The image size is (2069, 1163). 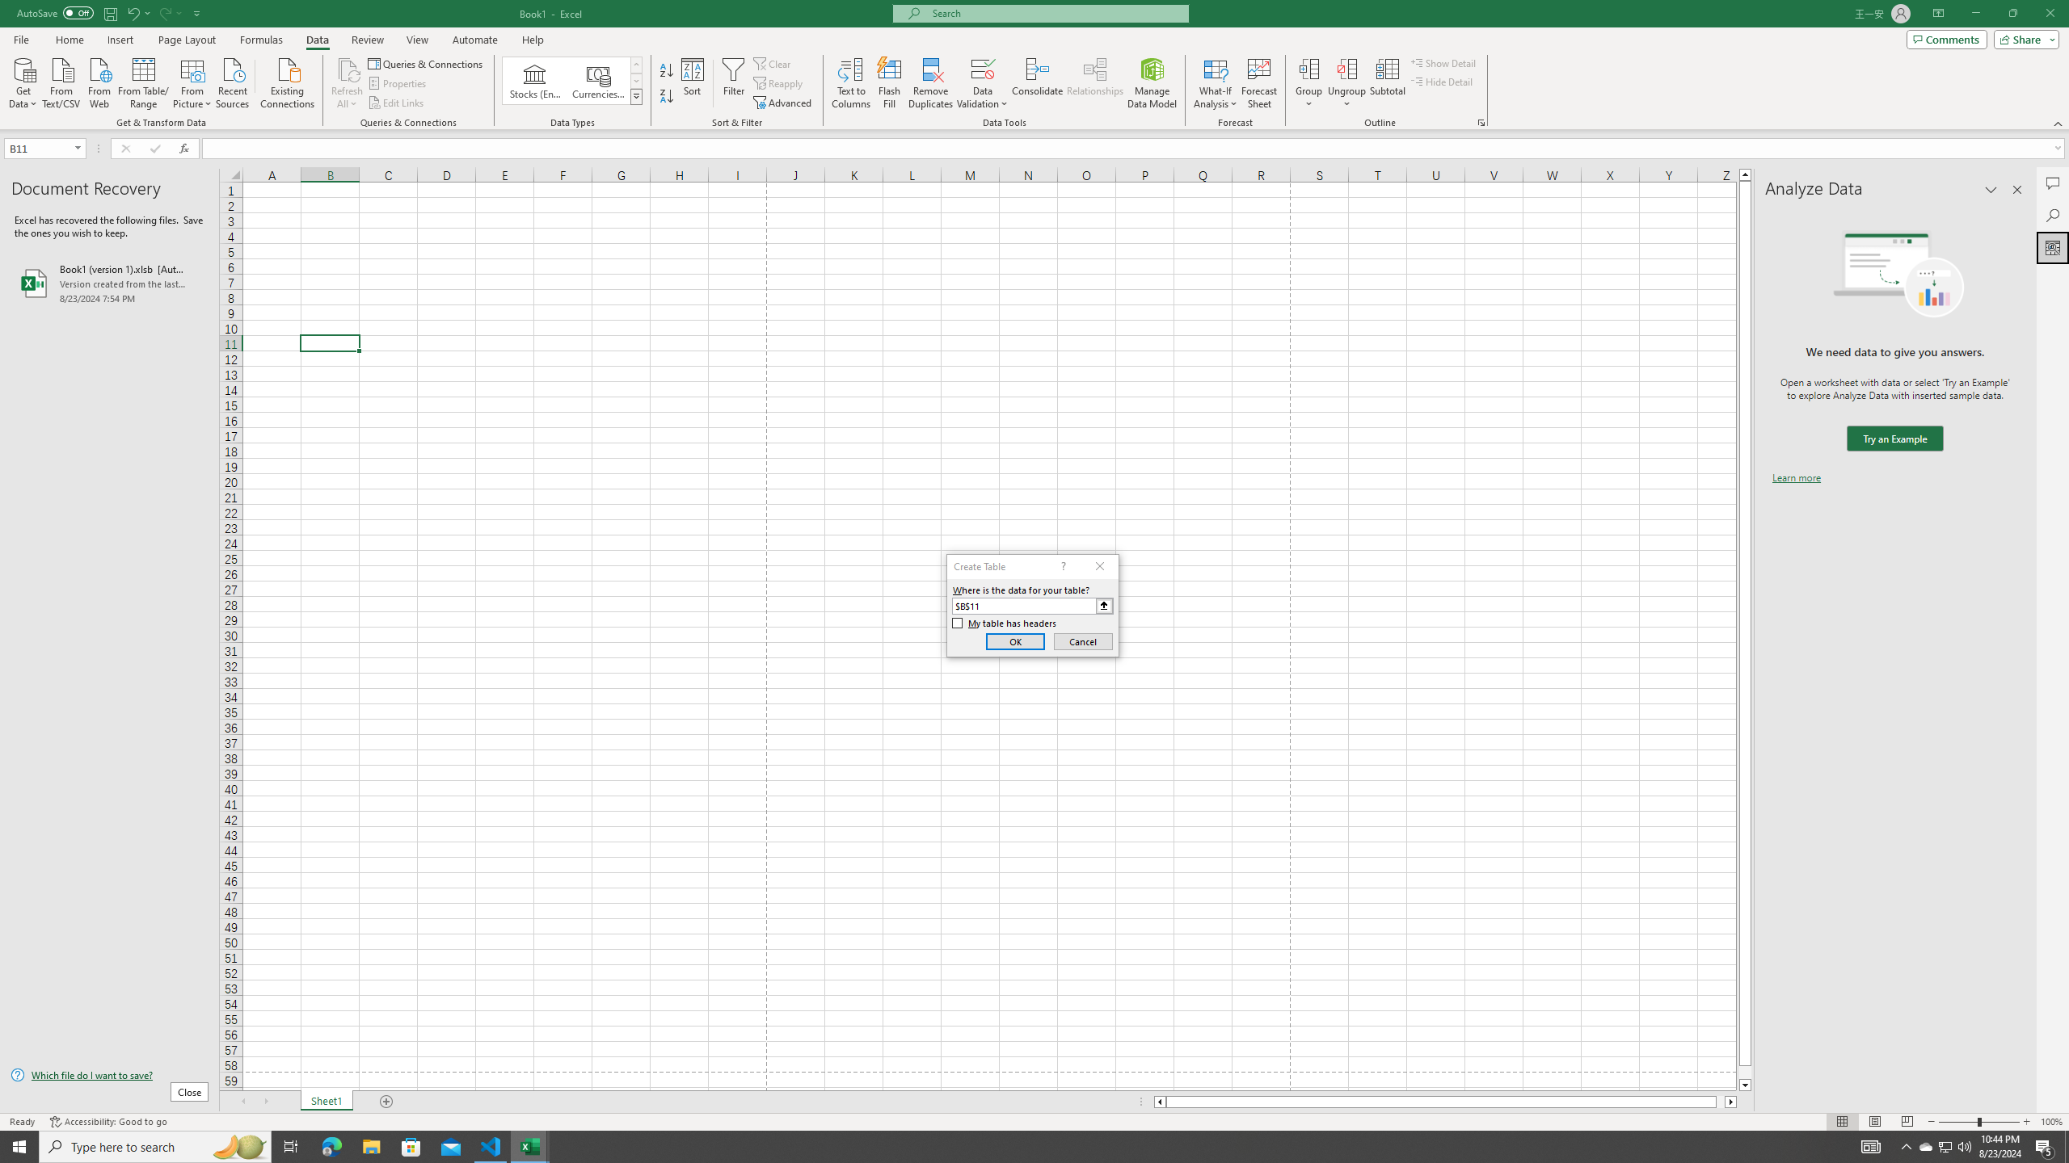 What do you see at coordinates (1346, 68) in the screenshot?
I see `'Ungroup...'` at bounding box center [1346, 68].